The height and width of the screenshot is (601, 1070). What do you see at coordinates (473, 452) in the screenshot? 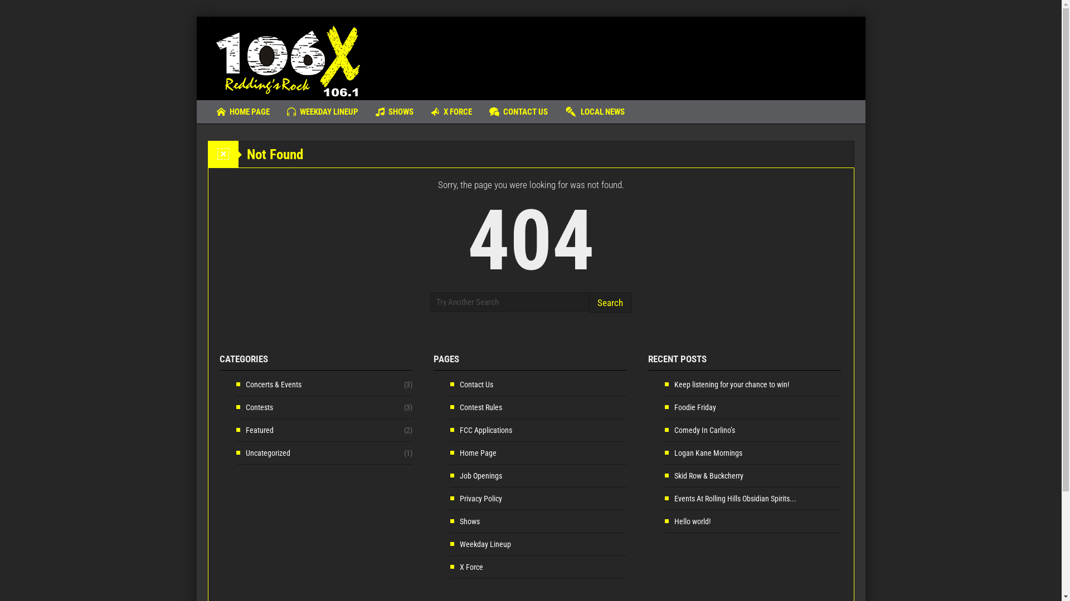
I see `'Home Page'` at bounding box center [473, 452].